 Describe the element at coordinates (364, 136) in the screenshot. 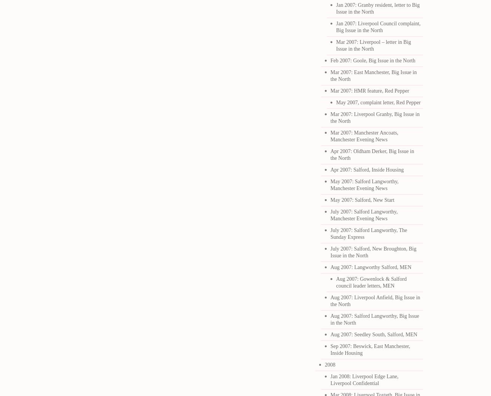

I see `'Mar 2007: Manchester Ancoats, Manchester Evening News'` at that location.